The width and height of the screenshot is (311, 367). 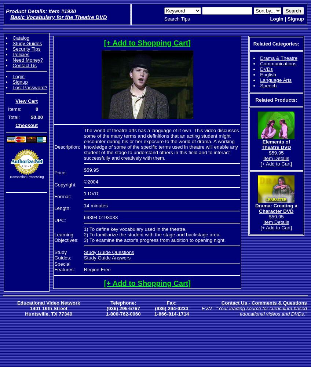 What do you see at coordinates (275, 80) in the screenshot?
I see `'Language Arts'` at bounding box center [275, 80].